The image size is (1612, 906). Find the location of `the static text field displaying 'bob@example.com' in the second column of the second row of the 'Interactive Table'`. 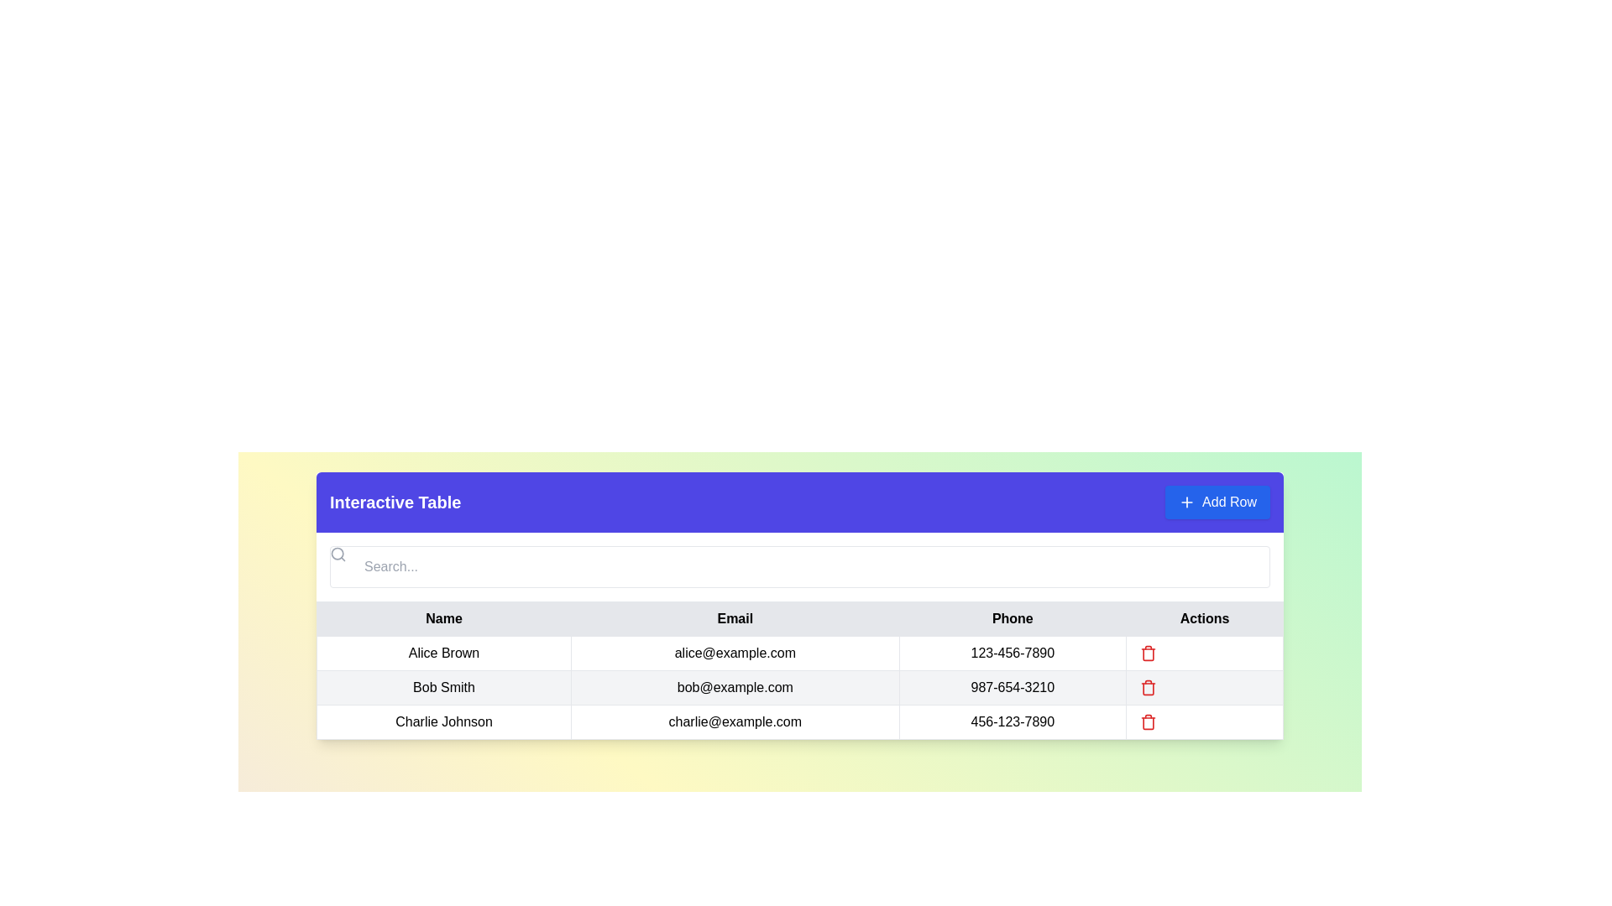

the static text field displaying 'bob@example.com' in the second column of the second row of the 'Interactive Table' is located at coordinates (735, 688).